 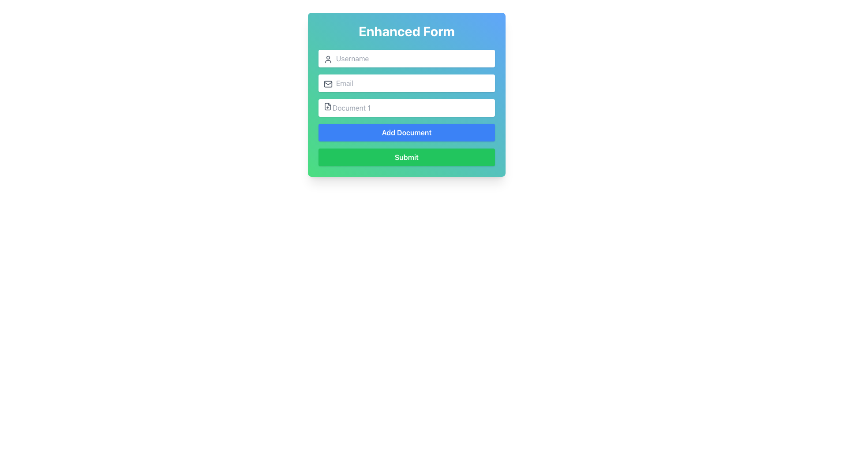 What do you see at coordinates (406, 58) in the screenshot?
I see `the username input field located beneath the 'Enhanced Form' title and above the email input field` at bounding box center [406, 58].